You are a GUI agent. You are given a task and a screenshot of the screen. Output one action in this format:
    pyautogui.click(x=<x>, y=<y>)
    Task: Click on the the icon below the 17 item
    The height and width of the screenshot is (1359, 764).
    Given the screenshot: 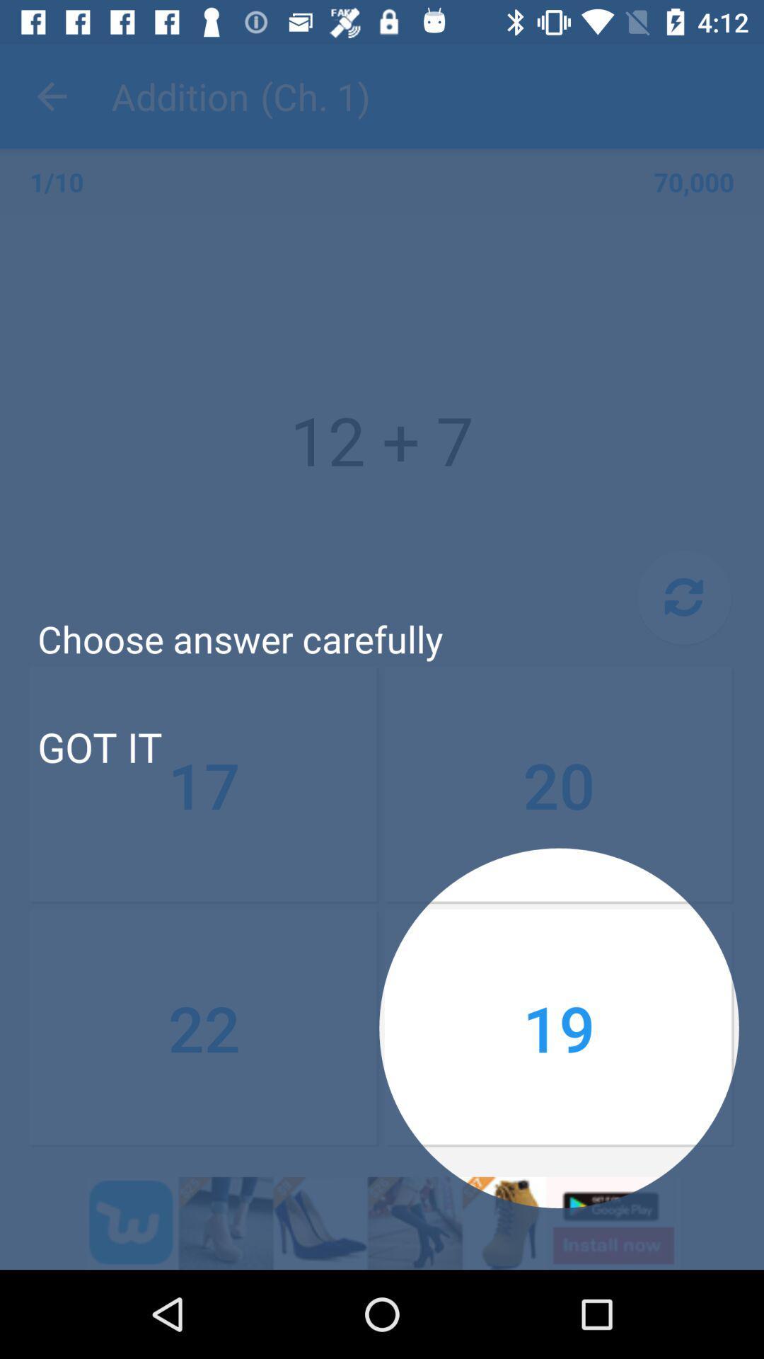 What is the action you would take?
    pyautogui.click(x=204, y=1028)
    